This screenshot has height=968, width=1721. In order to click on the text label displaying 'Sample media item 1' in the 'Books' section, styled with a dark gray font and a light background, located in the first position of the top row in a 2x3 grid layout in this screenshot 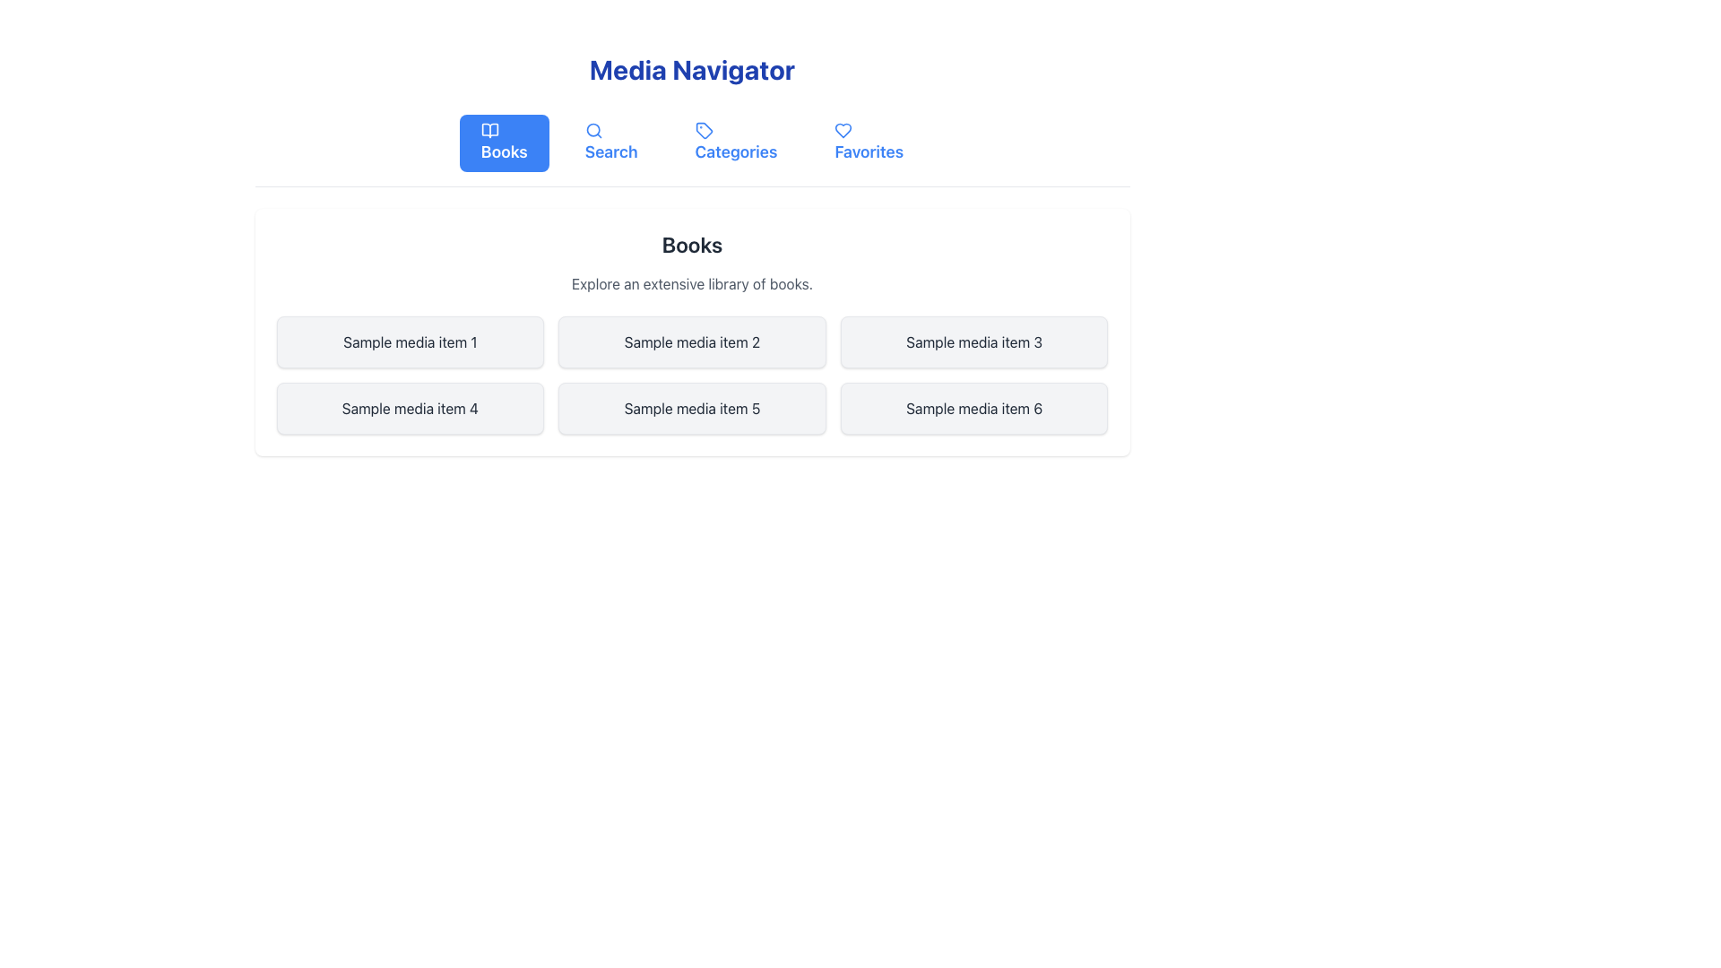, I will do `click(409, 341)`.